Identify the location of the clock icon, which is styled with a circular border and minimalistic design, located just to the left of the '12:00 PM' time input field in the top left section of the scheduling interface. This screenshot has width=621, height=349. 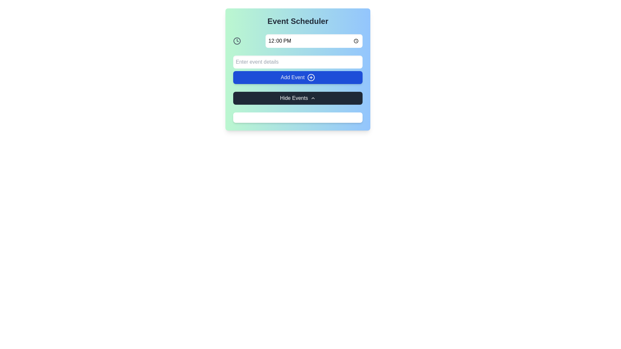
(237, 41).